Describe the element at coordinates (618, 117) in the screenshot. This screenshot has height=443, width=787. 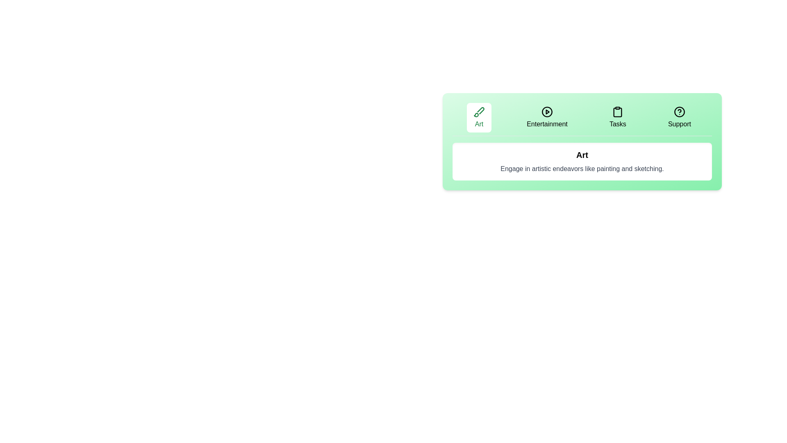
I see `the third button in a horizontal row of four, which is positioned between the 'Entertainment' button on the left and the 'Support' button on the right` at that location.